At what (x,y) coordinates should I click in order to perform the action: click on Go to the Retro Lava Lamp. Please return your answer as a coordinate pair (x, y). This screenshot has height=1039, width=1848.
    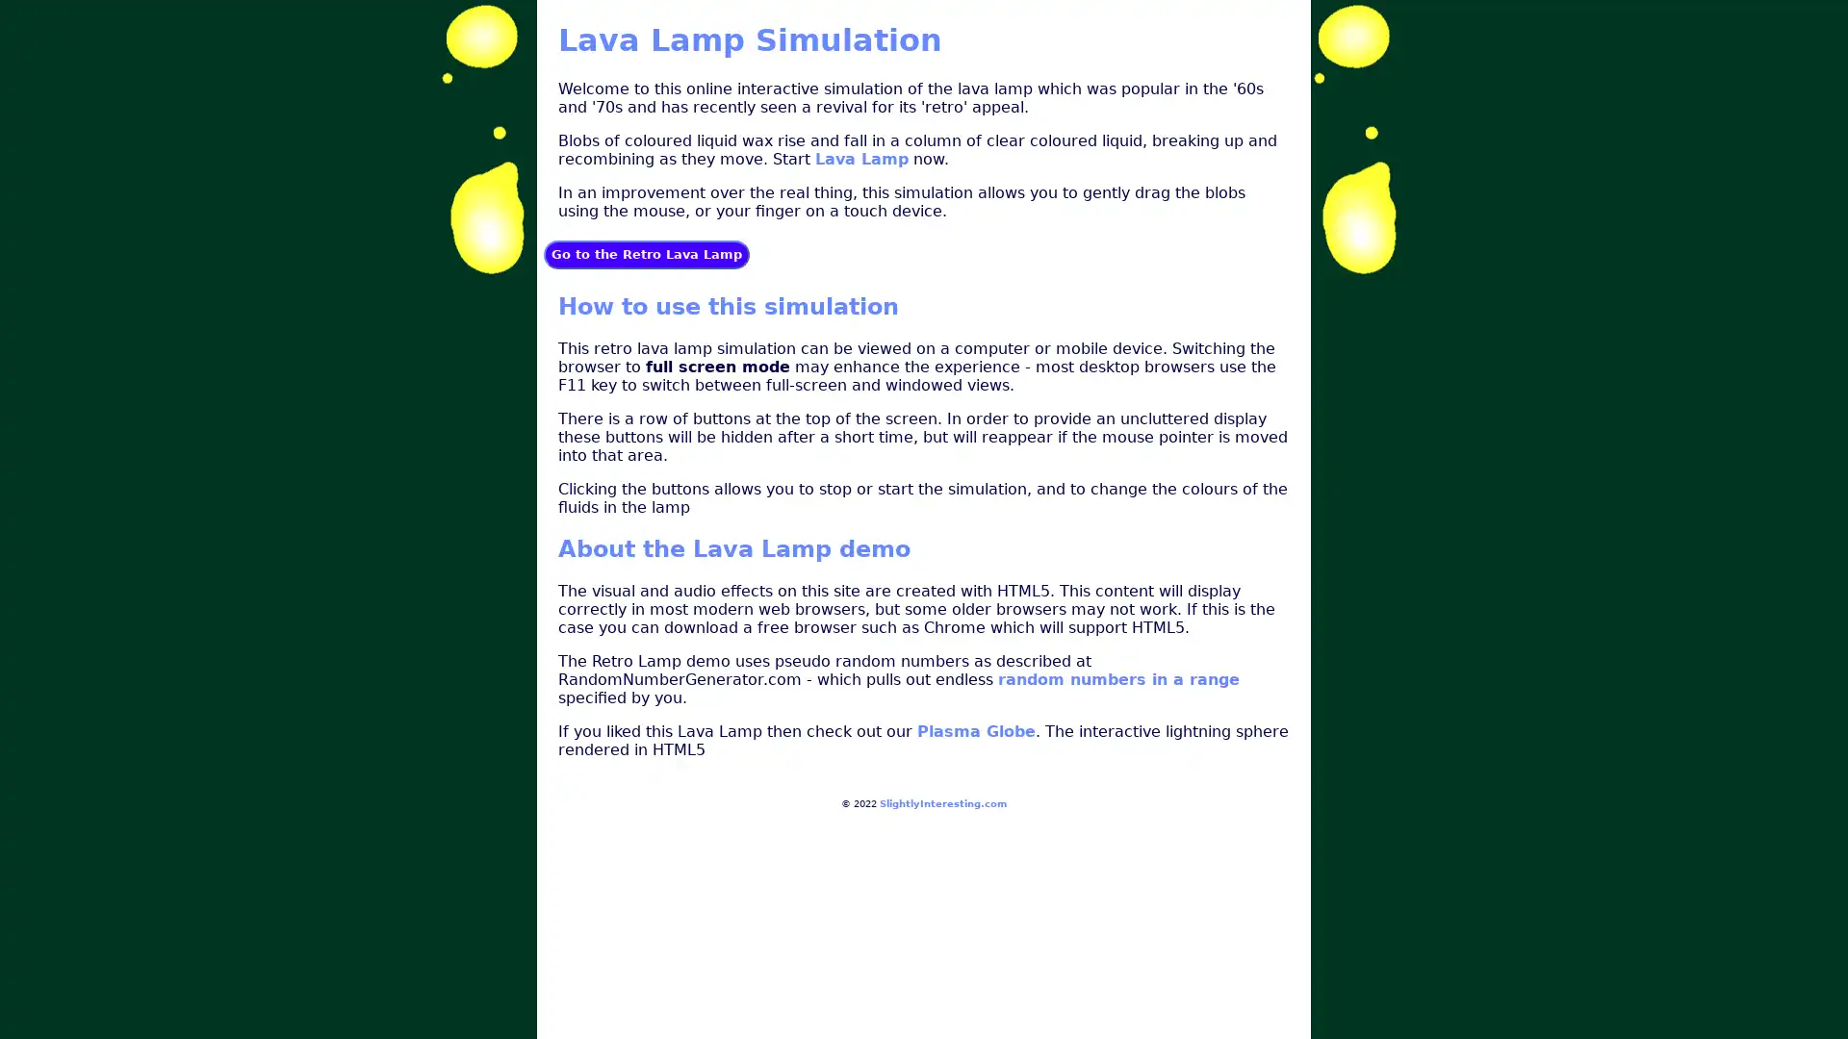
    Looking at the image, I should click on (647, 252).